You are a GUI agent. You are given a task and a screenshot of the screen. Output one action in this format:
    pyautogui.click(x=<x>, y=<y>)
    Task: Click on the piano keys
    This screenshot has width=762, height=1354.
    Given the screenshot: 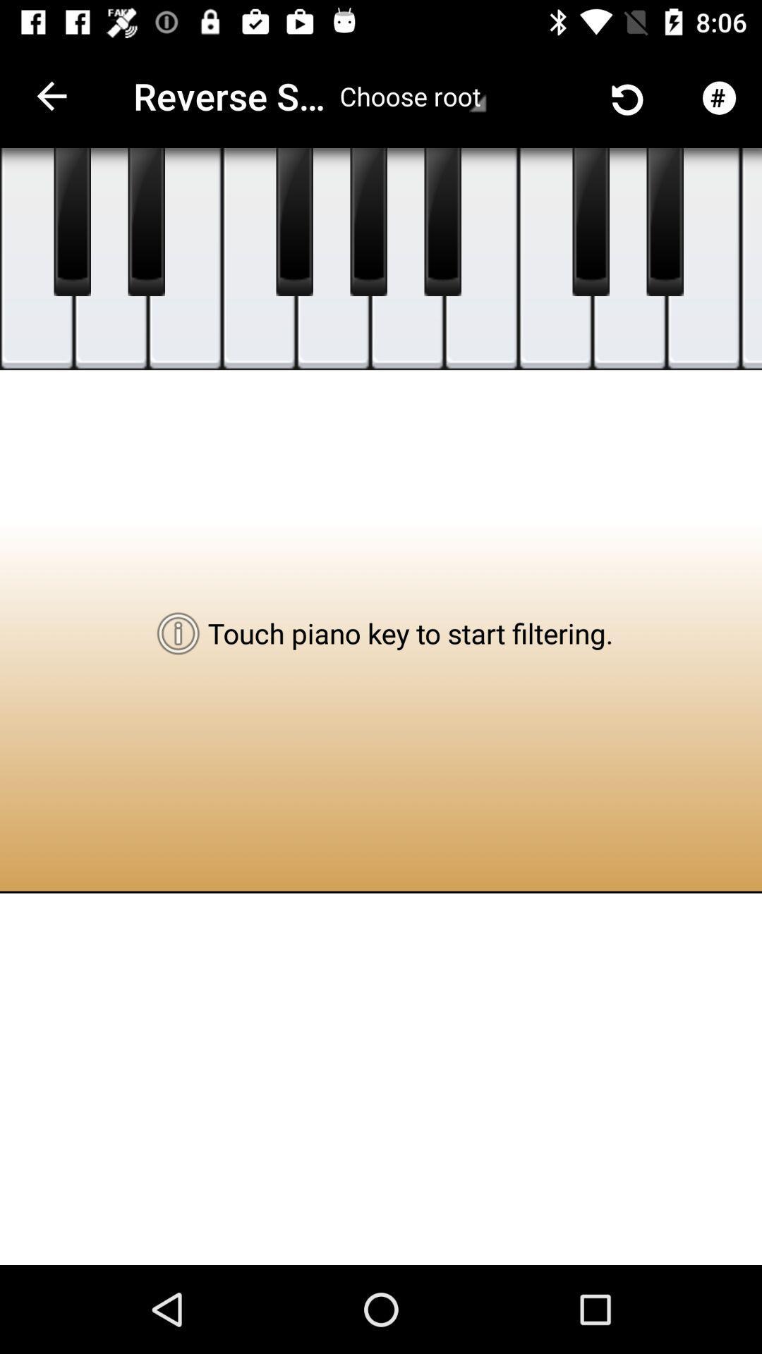 What is the action you would take?
    pyautogui.click(x=333, y=259)
    